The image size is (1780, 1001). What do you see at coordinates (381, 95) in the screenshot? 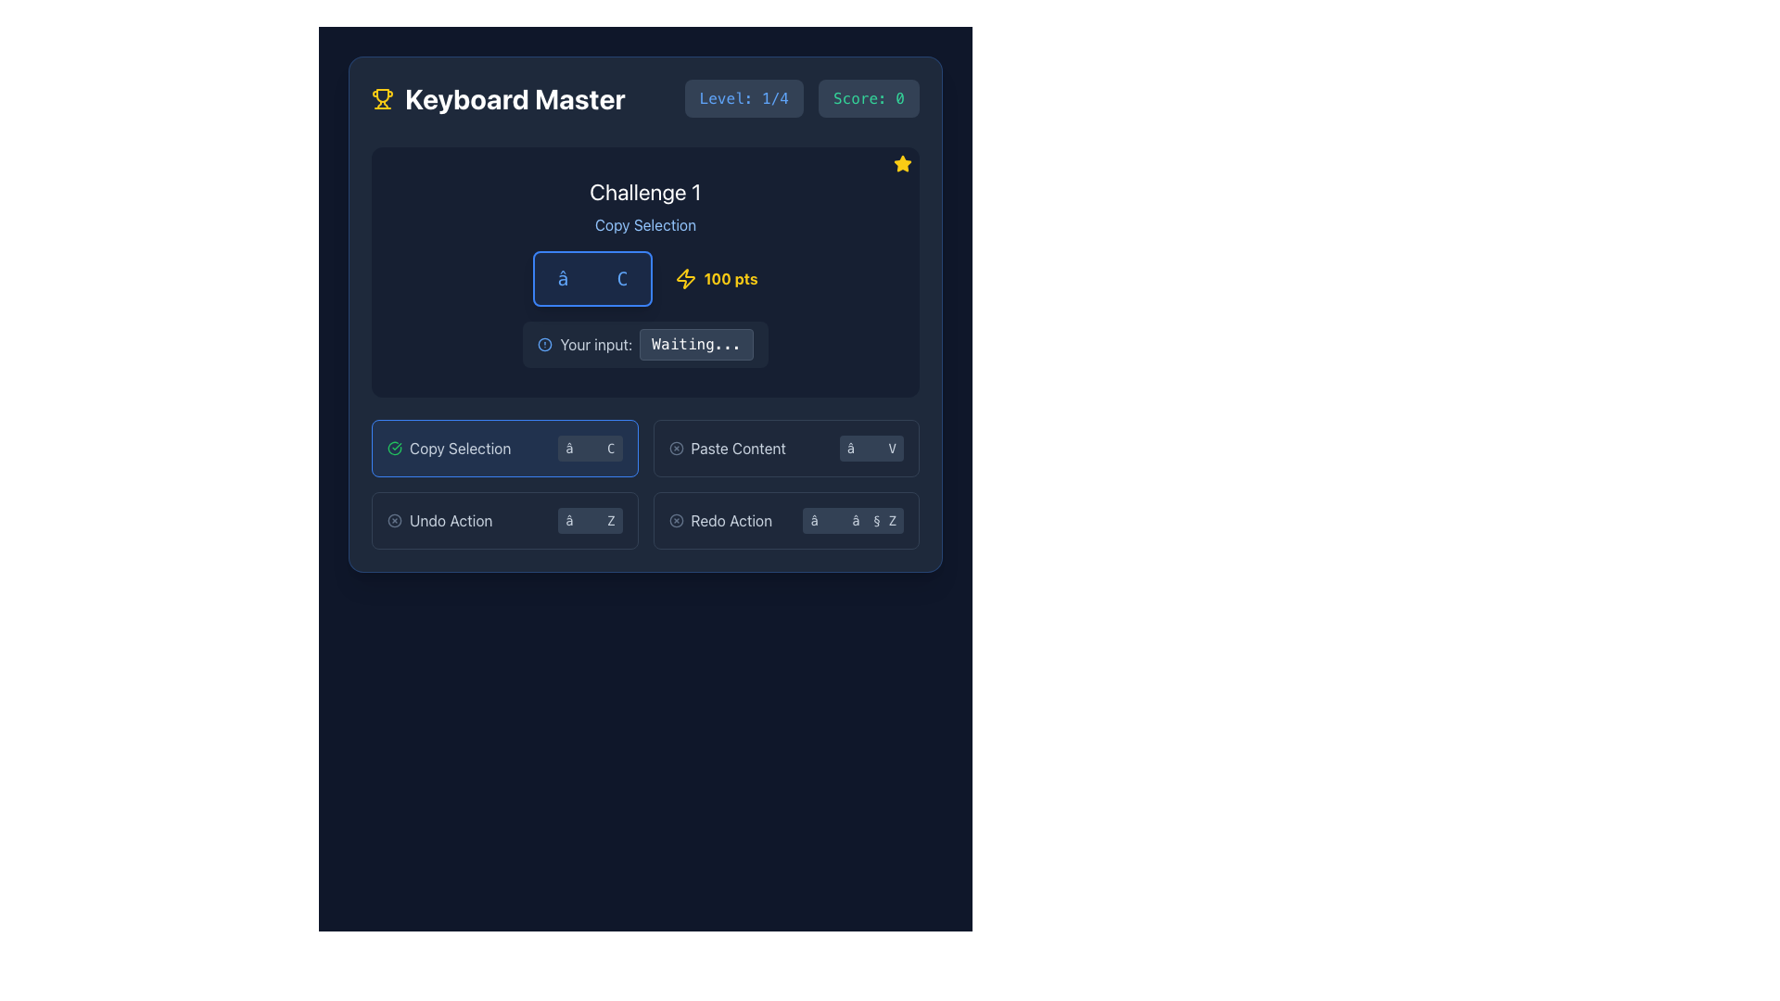
I see `the central part of the trophy icon represented by the SVG element that visually complements the title text 'Keyboard Master'` at bounding box center [381, 95].